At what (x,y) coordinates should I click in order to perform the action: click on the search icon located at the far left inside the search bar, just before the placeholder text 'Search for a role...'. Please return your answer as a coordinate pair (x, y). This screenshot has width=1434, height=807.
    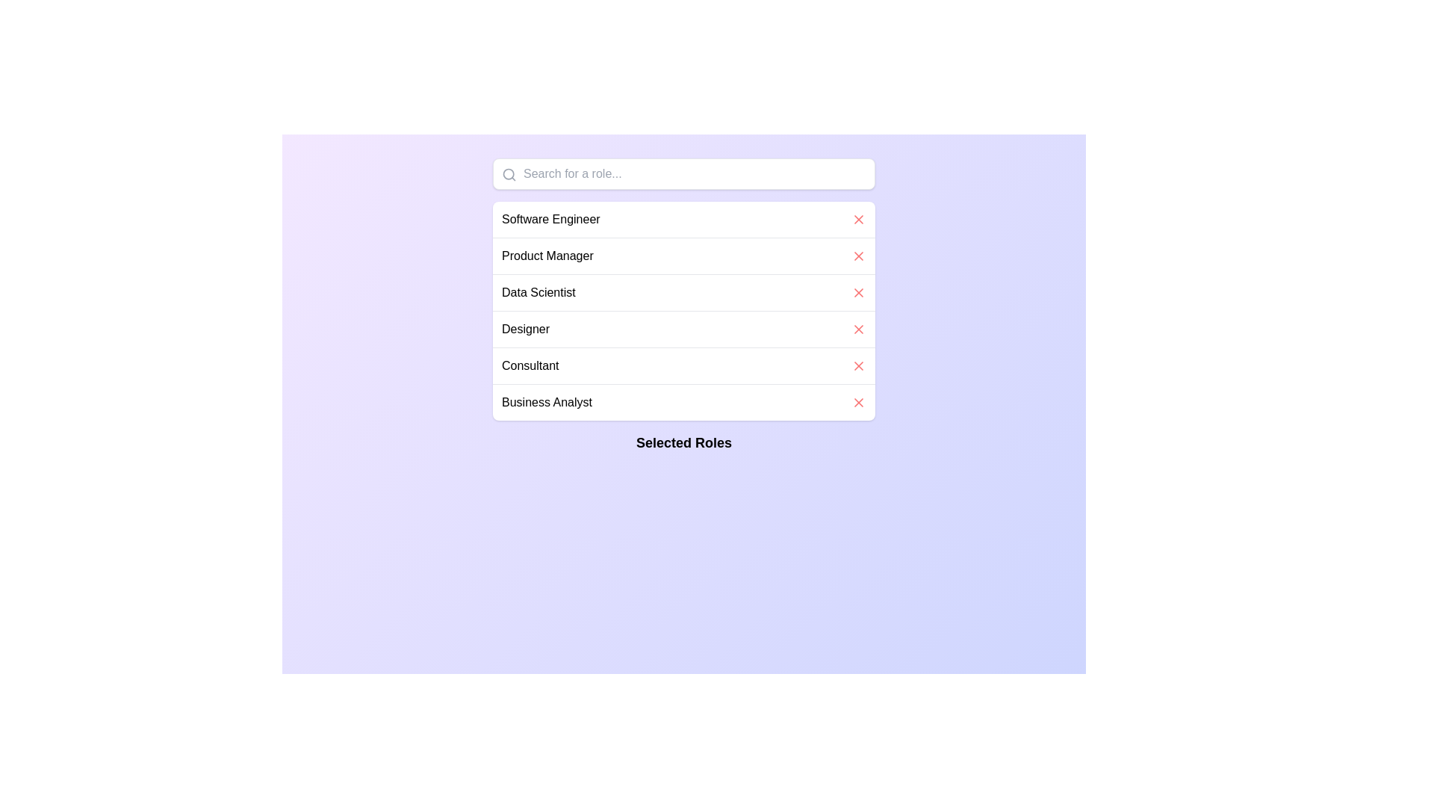
    Looking at the image, I should click on (509, 174).